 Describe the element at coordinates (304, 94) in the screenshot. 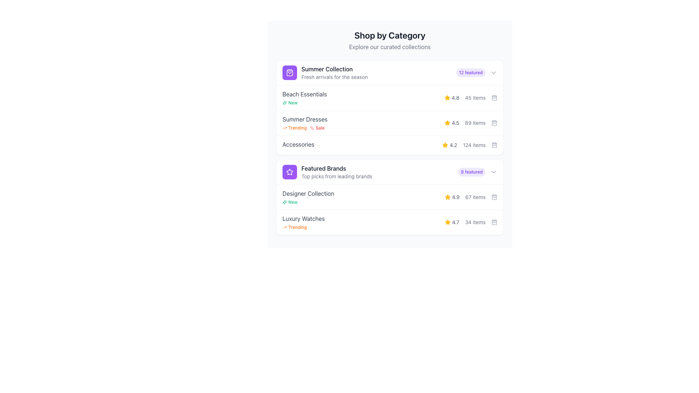

I see `the text label displaying 'Beach Essentials' in gray font, located under 'Shop by Category' in the 'Summer Collection' section` at that location.